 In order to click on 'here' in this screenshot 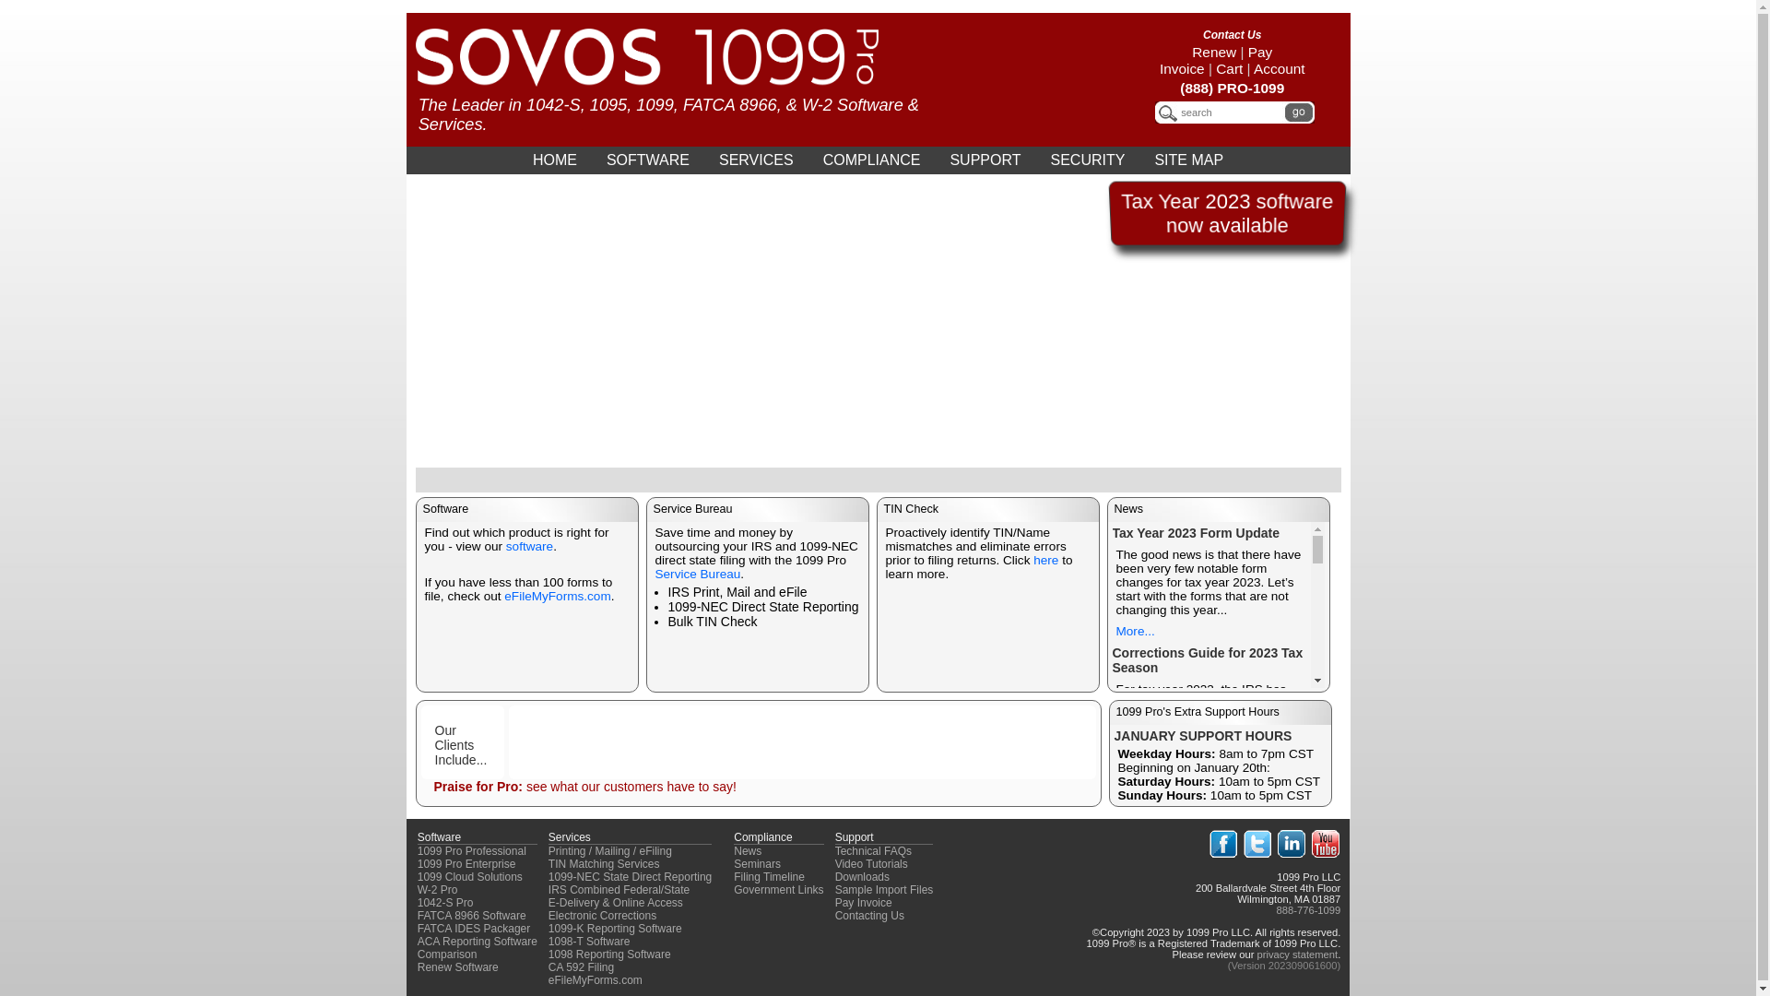, I will do `click(1045, 559)`.